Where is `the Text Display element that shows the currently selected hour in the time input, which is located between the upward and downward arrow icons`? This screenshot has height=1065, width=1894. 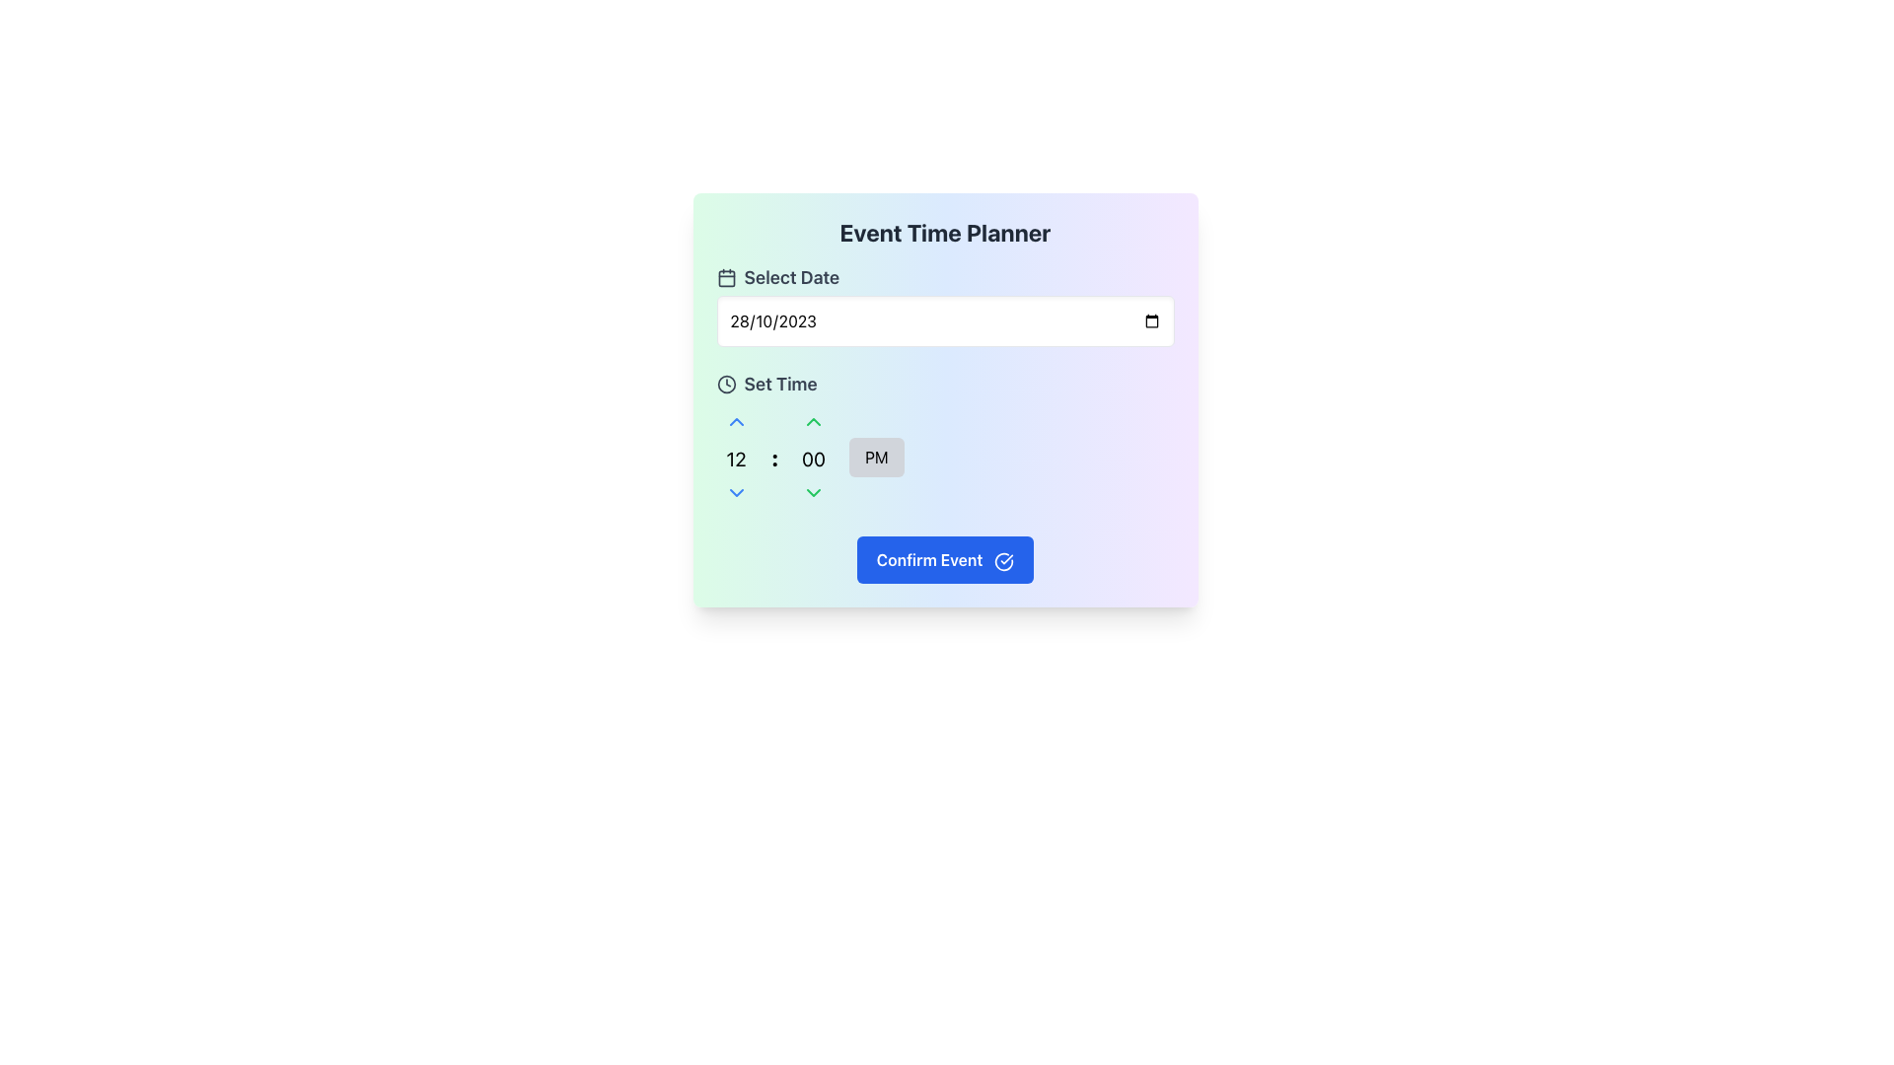
the Text Display element that shows the currently selected hour in the time input, which is located between the upward and downward arrow icons is located at coordinates (735, 460).